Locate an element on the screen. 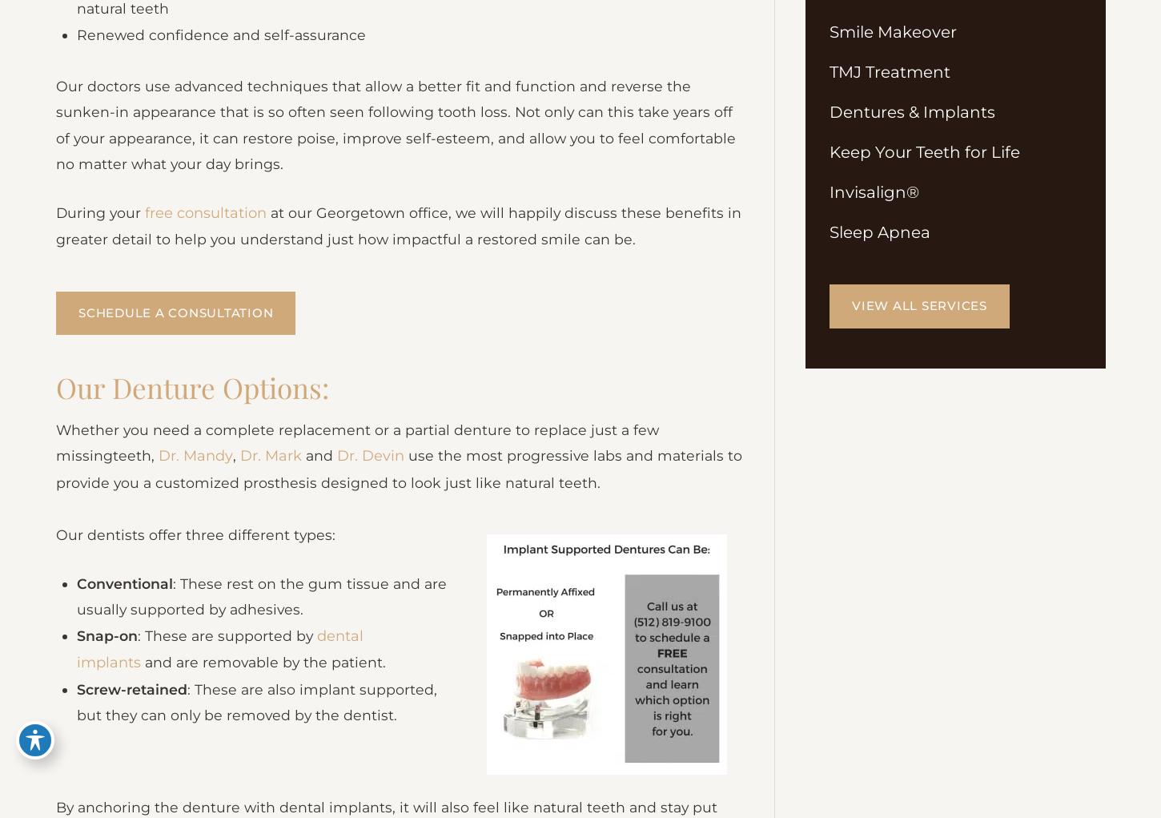 Image resolution: width=1161 pixels, height=818 pixels. 'Keep Your Teeth for Life' is located at coordinates (830, 153).